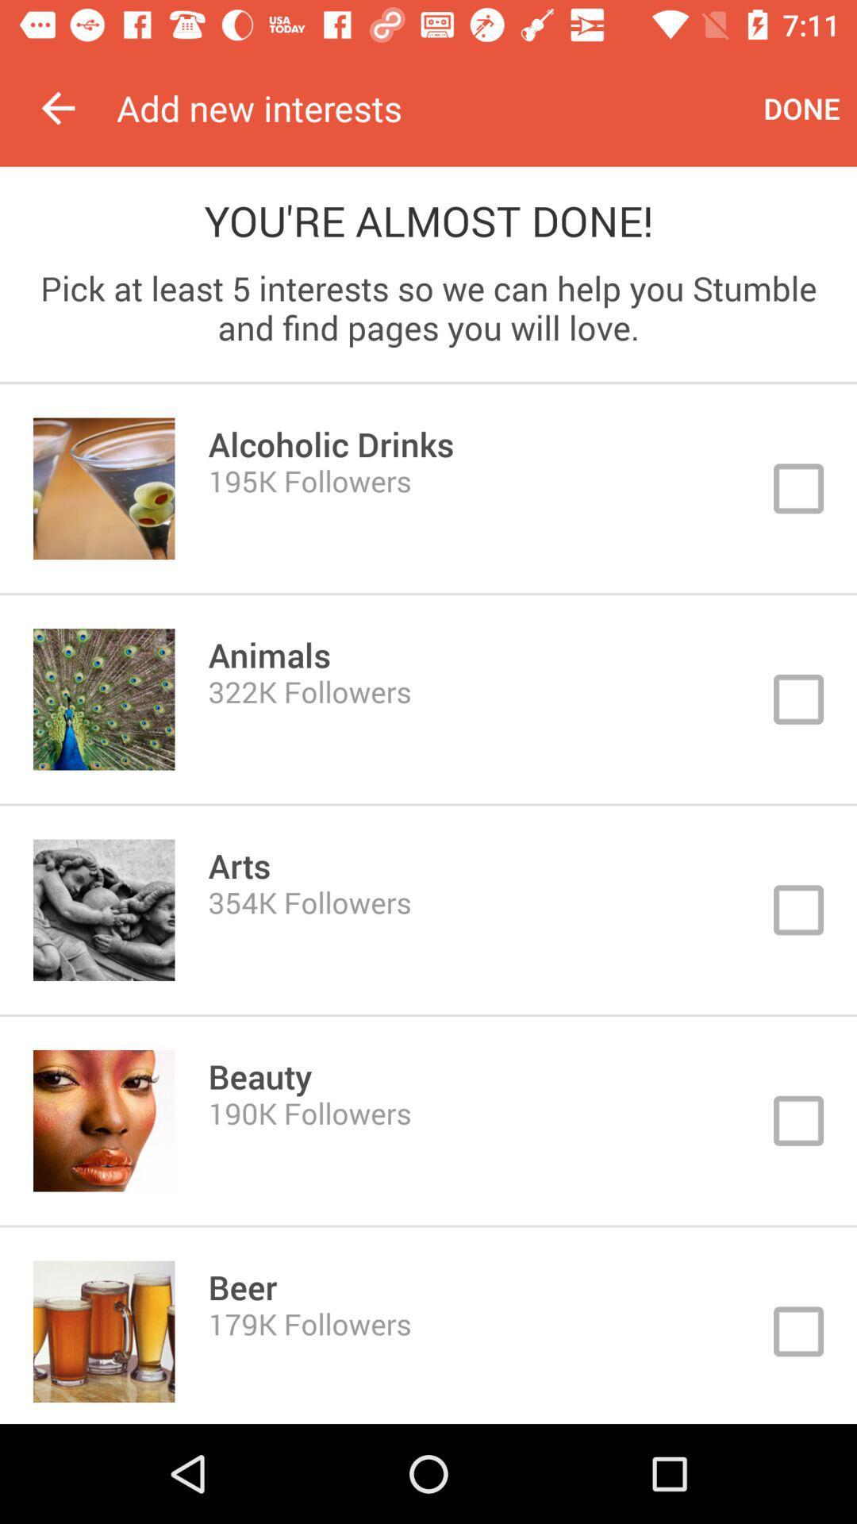 Image resolution: width=857 pixels, height=1524 pixels. I want to click on alcoholic drinks interest, so click(428, 487).